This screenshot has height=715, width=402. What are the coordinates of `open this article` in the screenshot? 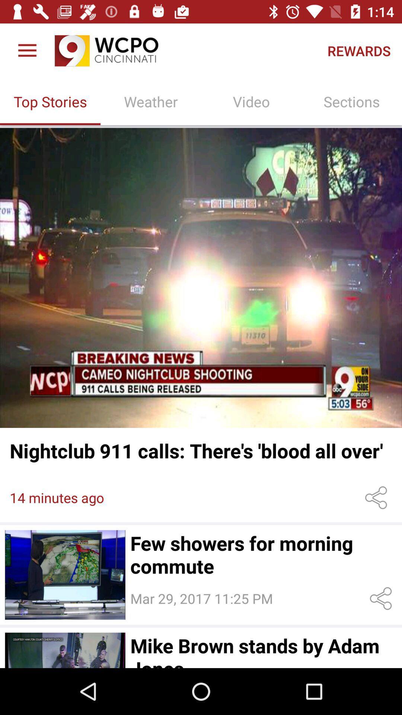 It's located at (65, 650).